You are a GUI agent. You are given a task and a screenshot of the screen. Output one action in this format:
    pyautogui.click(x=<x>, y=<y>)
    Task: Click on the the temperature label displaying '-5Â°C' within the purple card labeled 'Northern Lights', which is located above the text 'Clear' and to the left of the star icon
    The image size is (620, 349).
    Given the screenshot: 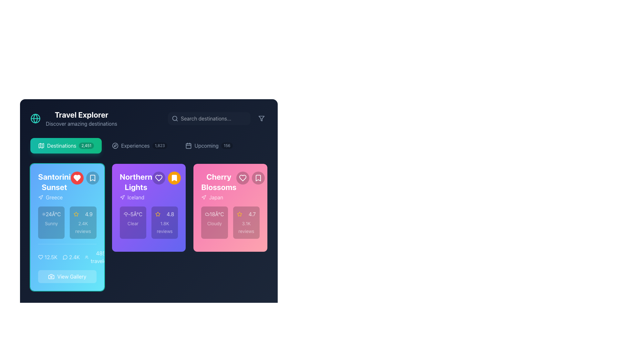 What is the action you would take?
    pyautogui.click(x=132, y=214)
    